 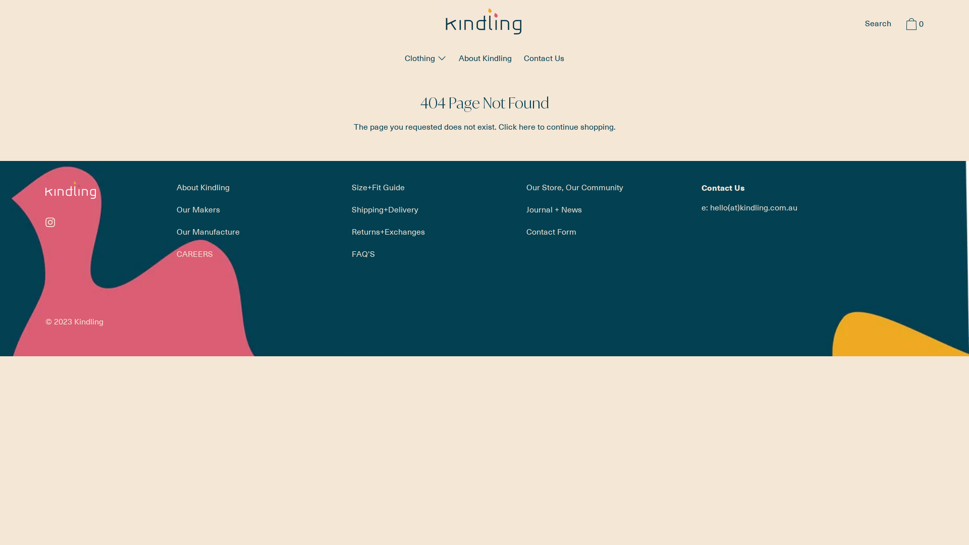 What do you see at coordinates (877, 24) in the screenshot?
I see `'Search'` at bounding box center [877, 24].